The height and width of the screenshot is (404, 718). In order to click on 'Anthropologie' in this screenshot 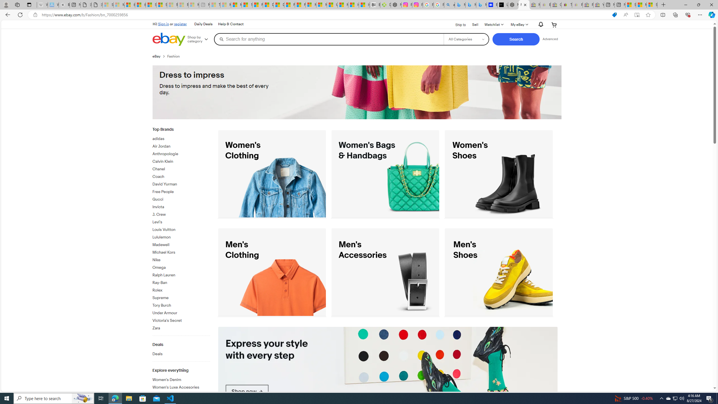, I will do `click(181, 154)`.